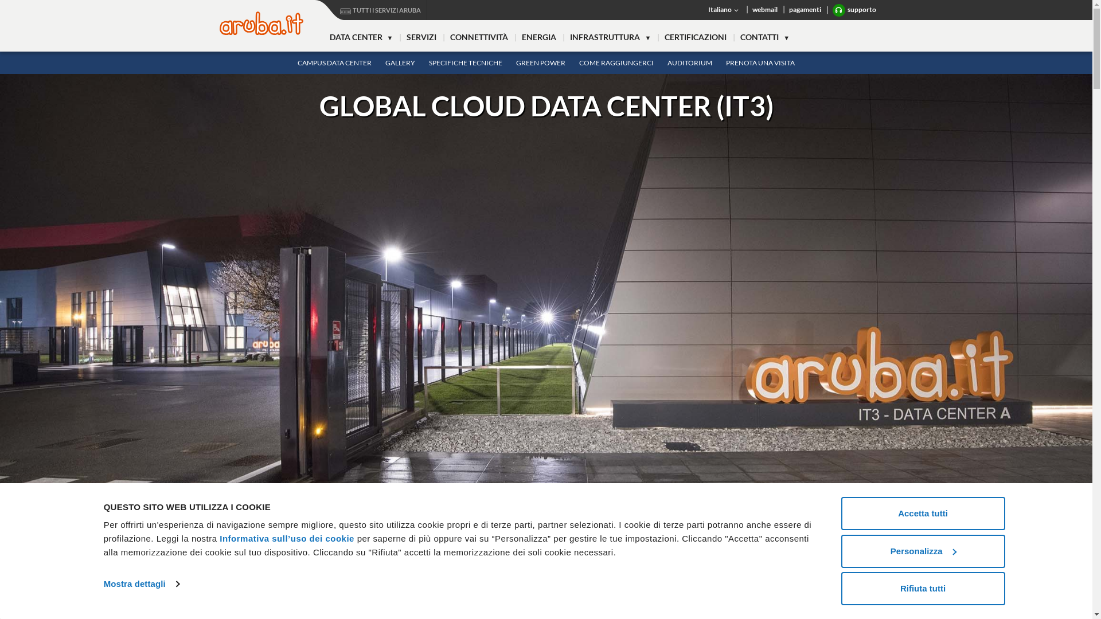 The image size is (1101, 619). Describe the element at coordinates (765, 37) in the screenshot. I see `'CONTATTI'` at that location.